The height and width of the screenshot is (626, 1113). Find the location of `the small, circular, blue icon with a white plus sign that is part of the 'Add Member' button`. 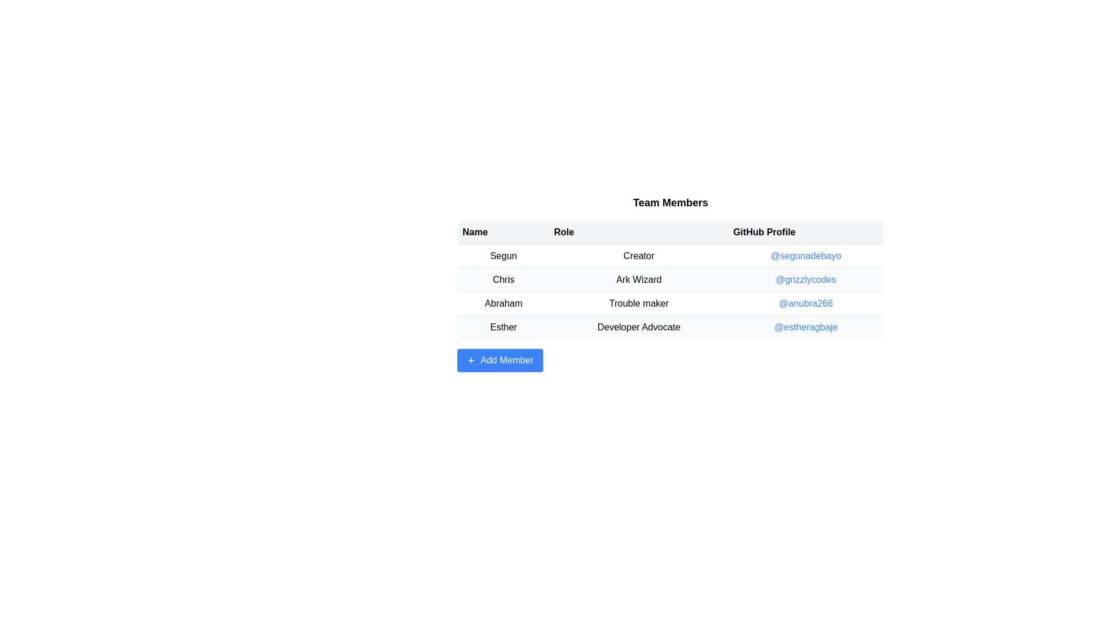

the small, circular, blue icon with a white plus sign that is part of the 'Add Member' button is located at coordinates (471, 359).